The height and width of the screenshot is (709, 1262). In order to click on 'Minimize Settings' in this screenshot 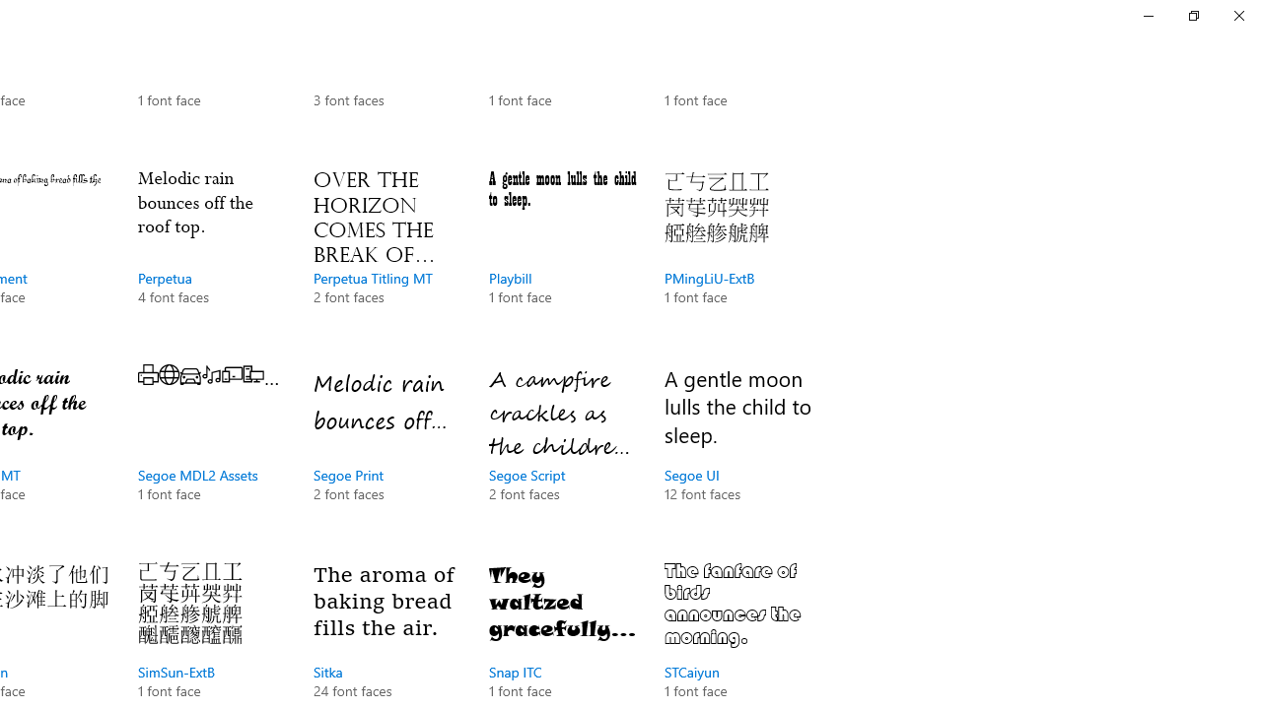, I will do `click(1148, 15)`.